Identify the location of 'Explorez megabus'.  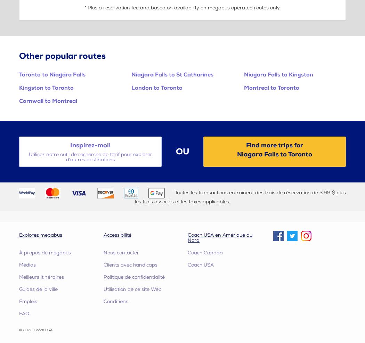
(19, 235).